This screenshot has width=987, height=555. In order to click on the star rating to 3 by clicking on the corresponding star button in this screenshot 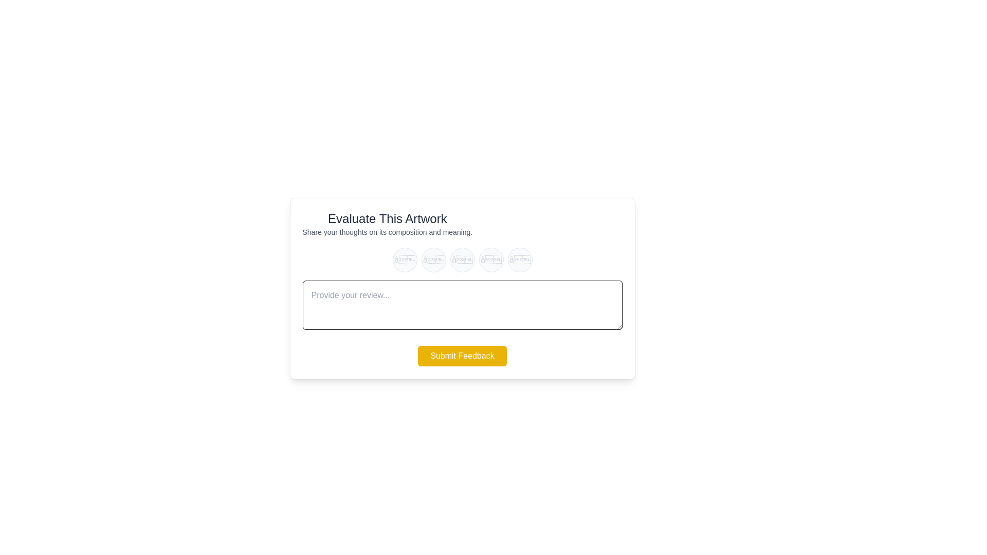, I will do `click(462, 259)`.